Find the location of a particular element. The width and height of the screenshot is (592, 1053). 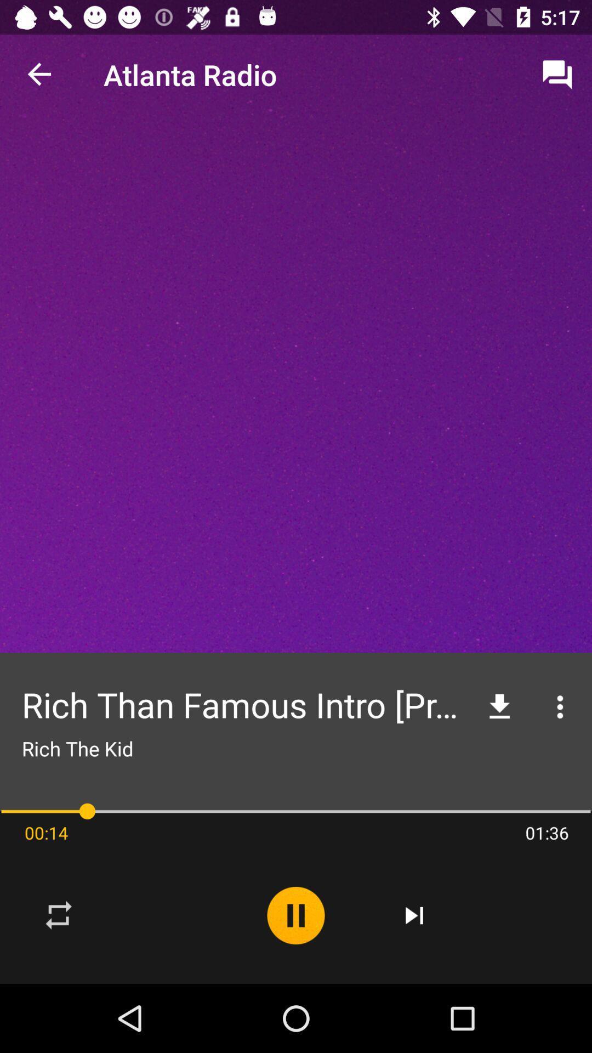

the file_download icon is located at coordinates (499, 707).